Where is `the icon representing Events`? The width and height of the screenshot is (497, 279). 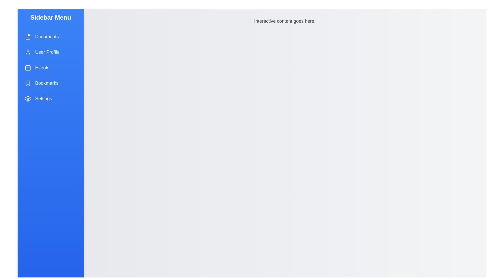 the icon representing Events is located at coordinates (28, 67).